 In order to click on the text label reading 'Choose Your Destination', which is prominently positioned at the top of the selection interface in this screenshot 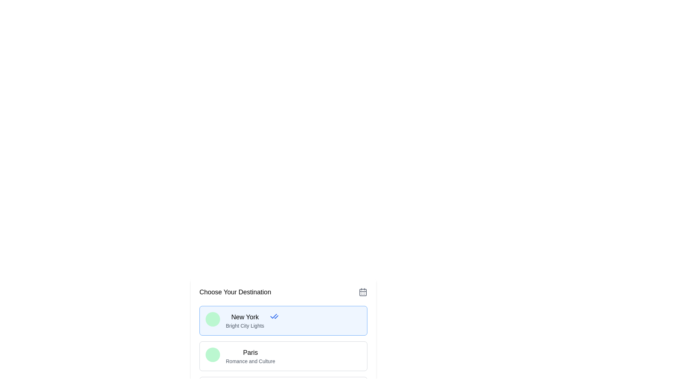, I will do `click(235, 291)`.